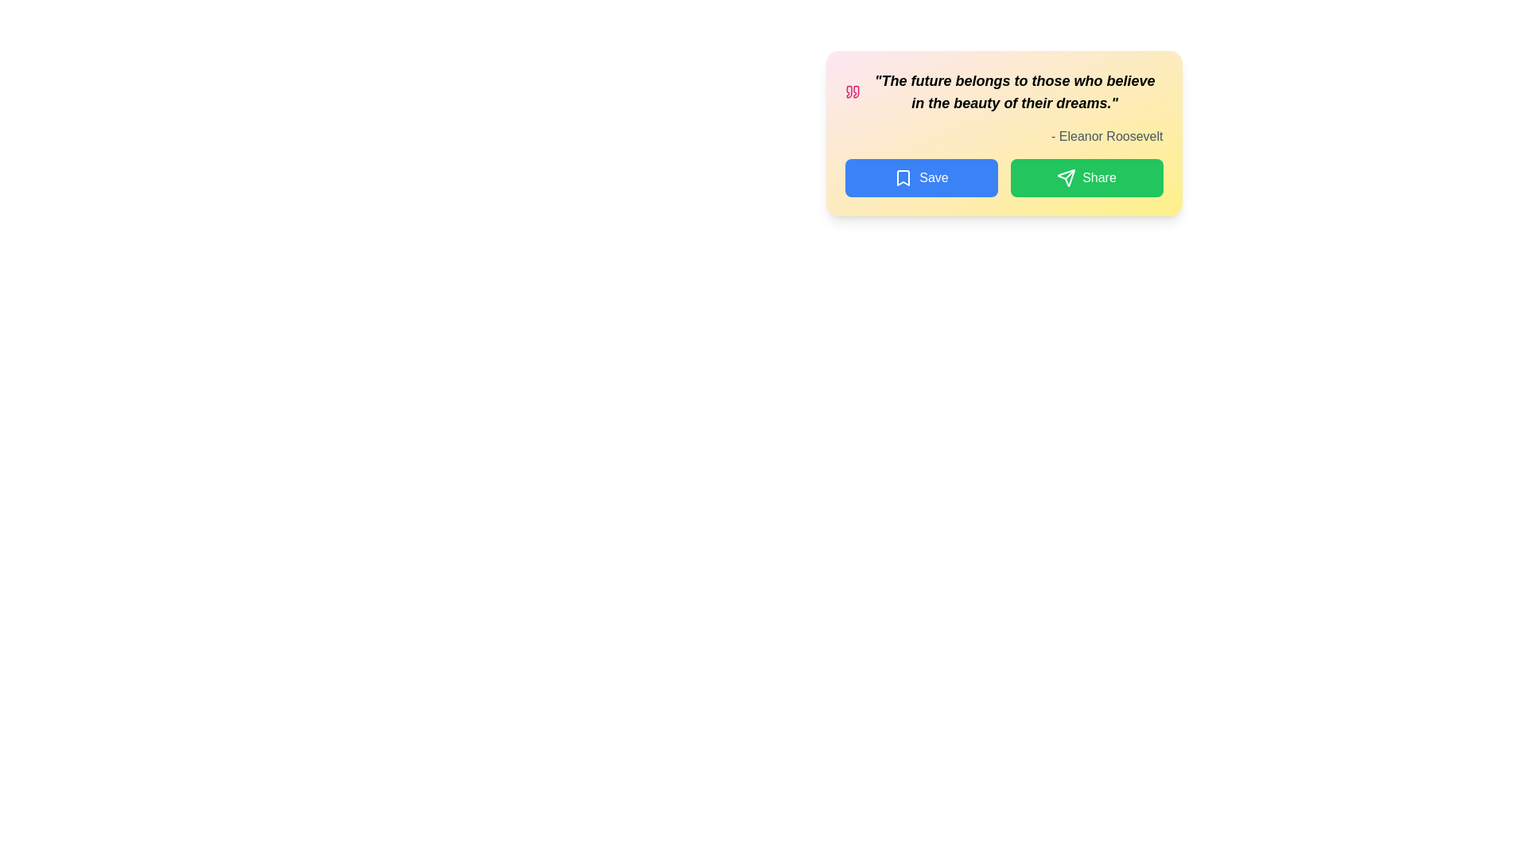  Describe the element at coordinates (1003, 91) in the screenshot. I see `inspirational quote displayed in the text display block located in the upper-central region of the gradient-colored rectangular card, above the buttons labeled 'Save' and 'Share'` at that location.